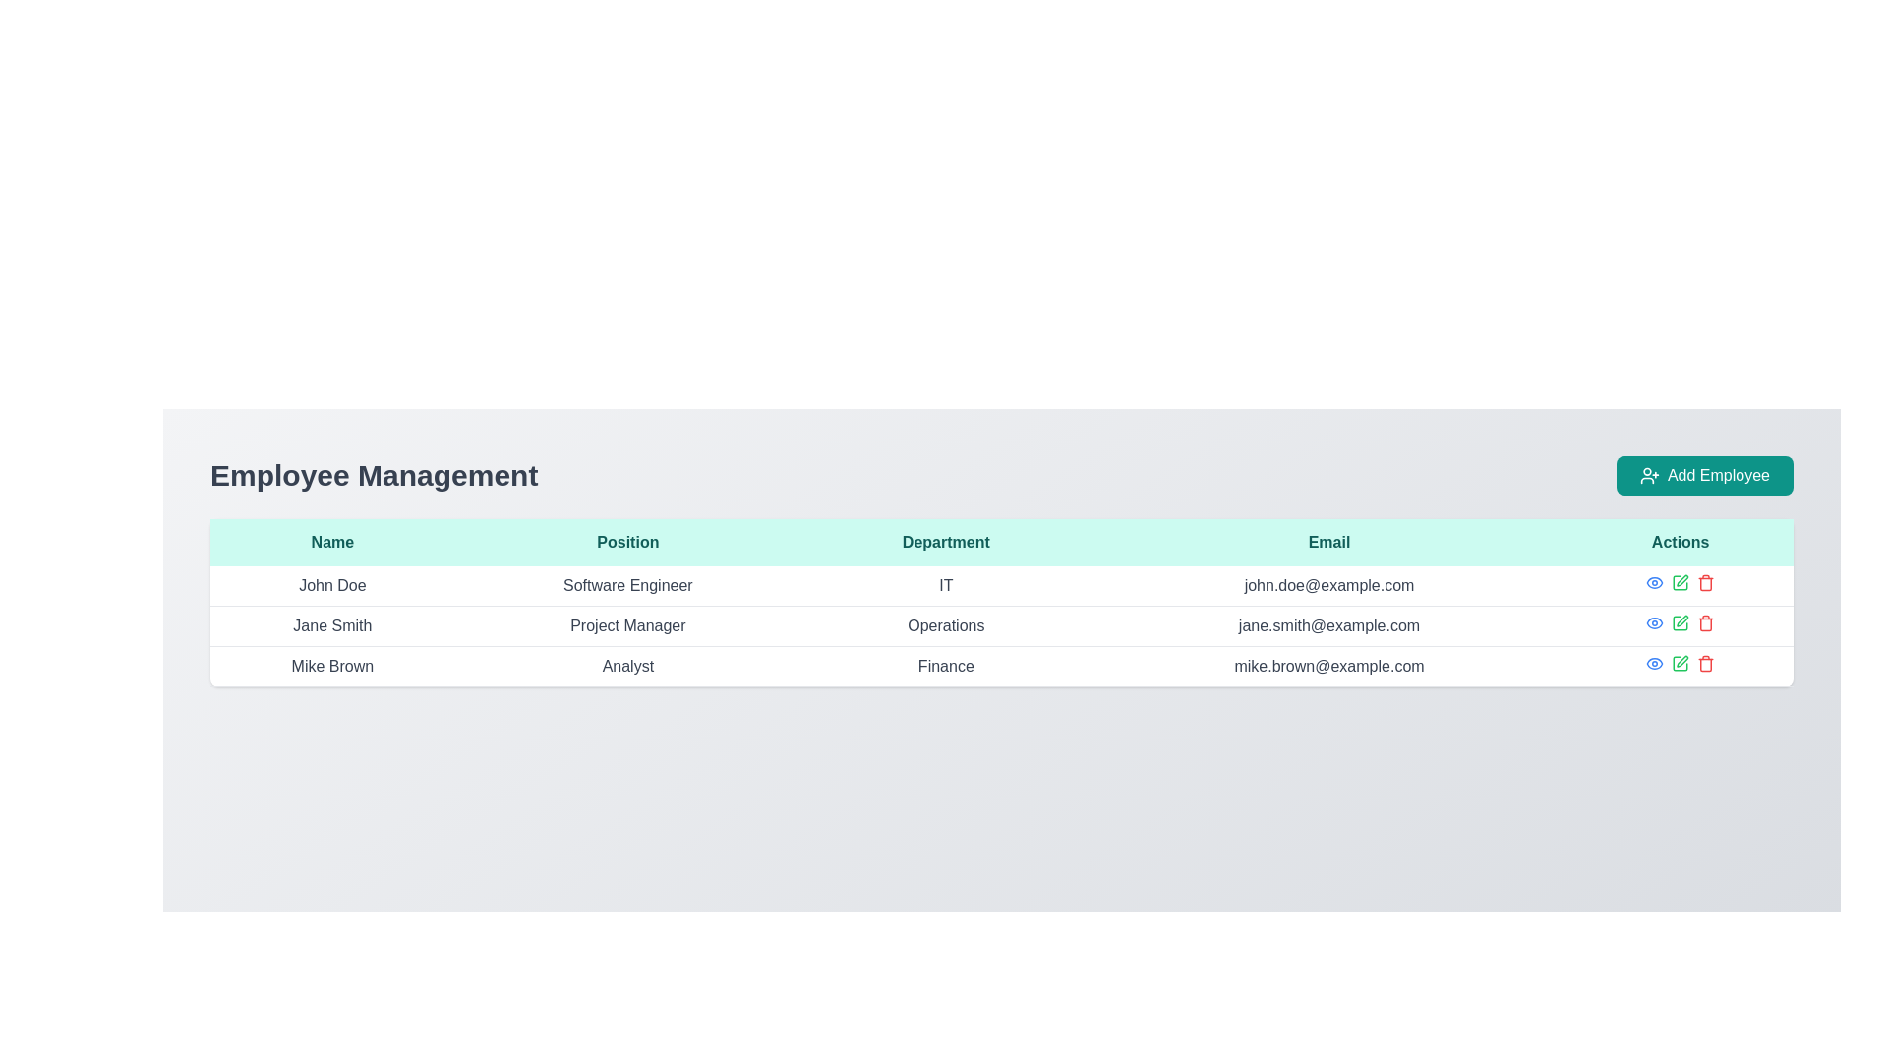 The height and width of the screenshot is (1062, 1888). Describe the element at coordinates (946, 542) in the screenshot. I see `the 'Department' column header text label, which is the third header in the table header row` at that location.